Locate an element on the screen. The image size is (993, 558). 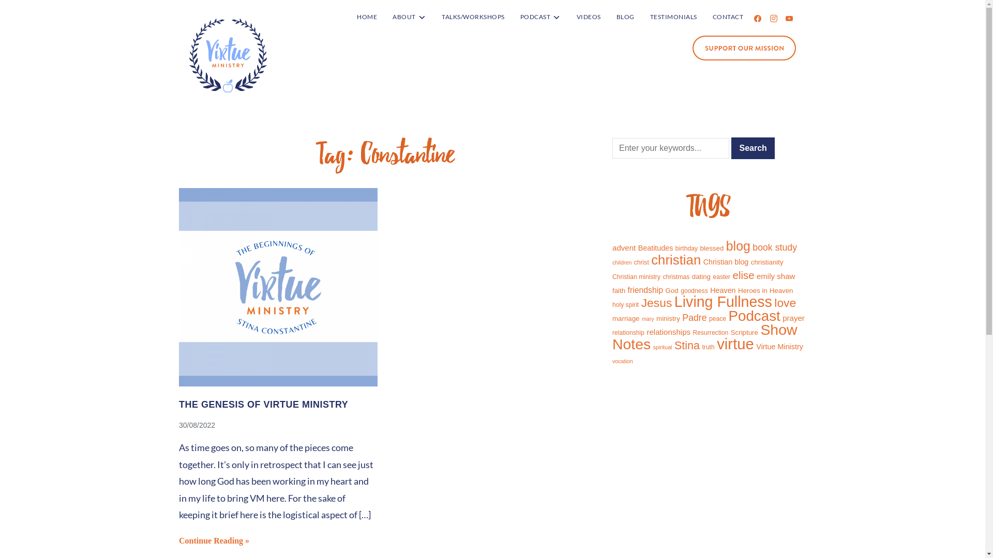
'God' is located at coordinates (672, 290).